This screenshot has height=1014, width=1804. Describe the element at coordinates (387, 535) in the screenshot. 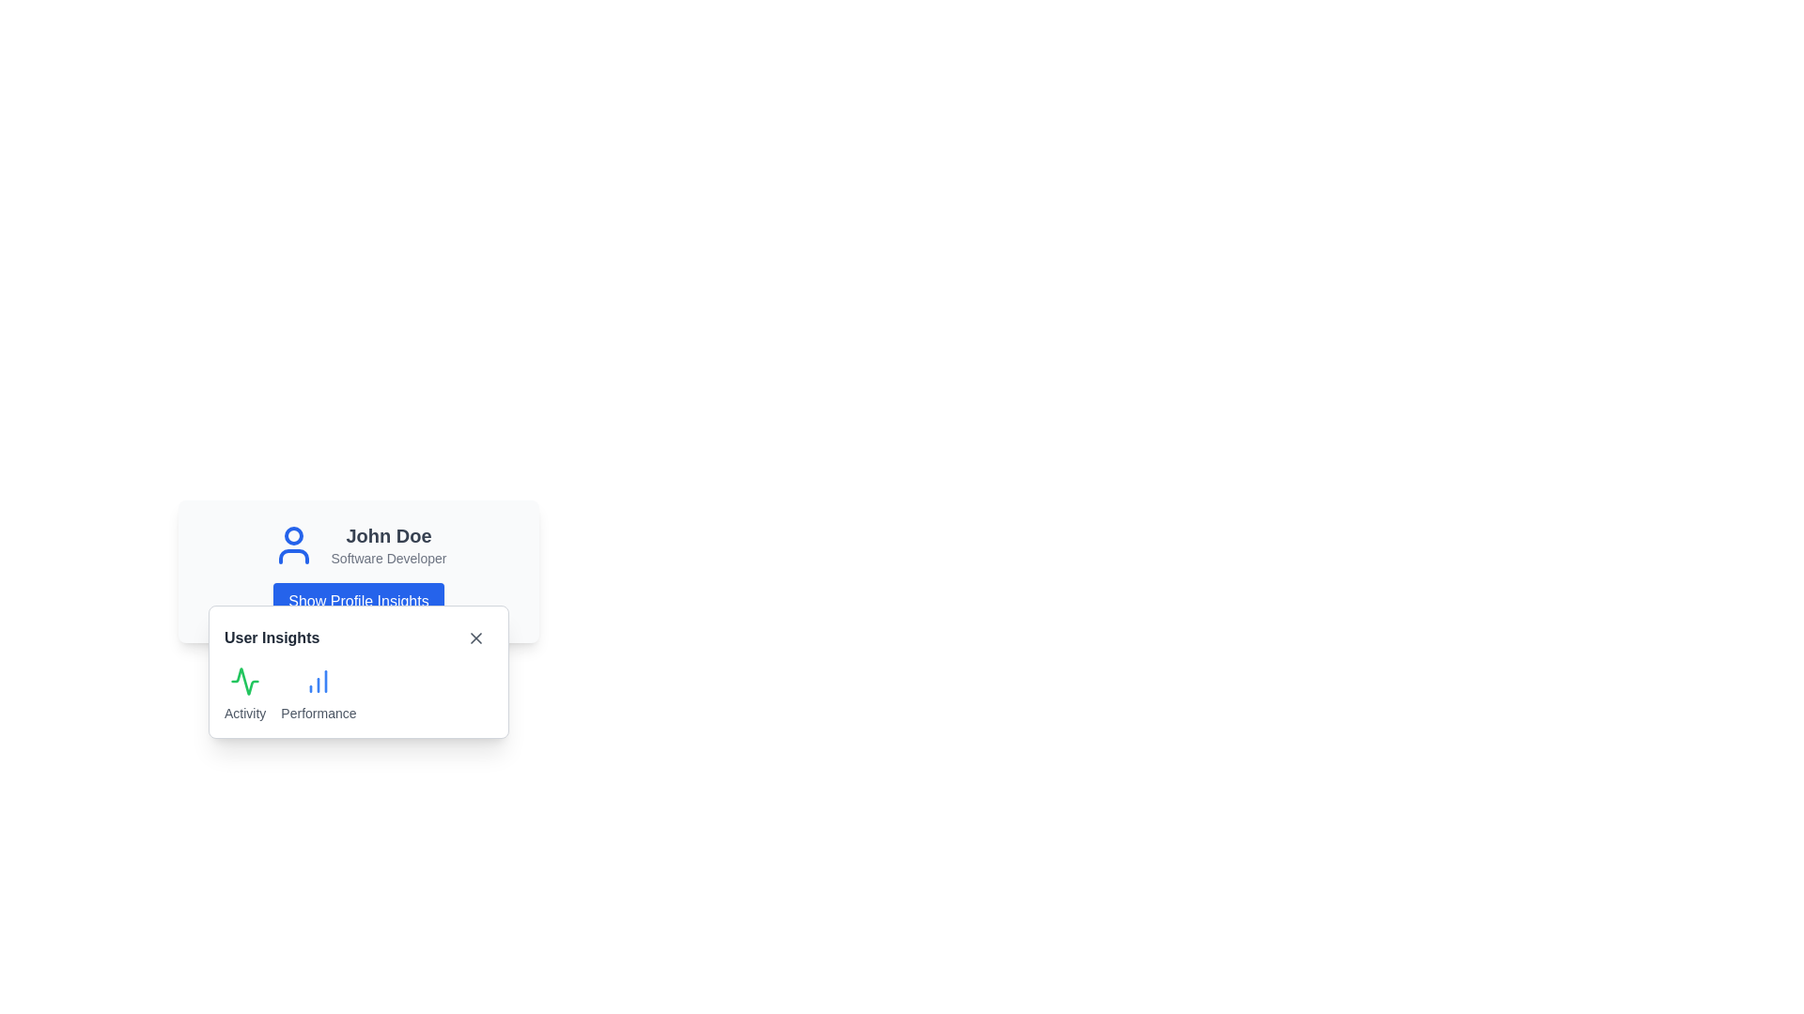

I see `name displayed in the Text label indicating the user's name at the top of the profile card` at that location.